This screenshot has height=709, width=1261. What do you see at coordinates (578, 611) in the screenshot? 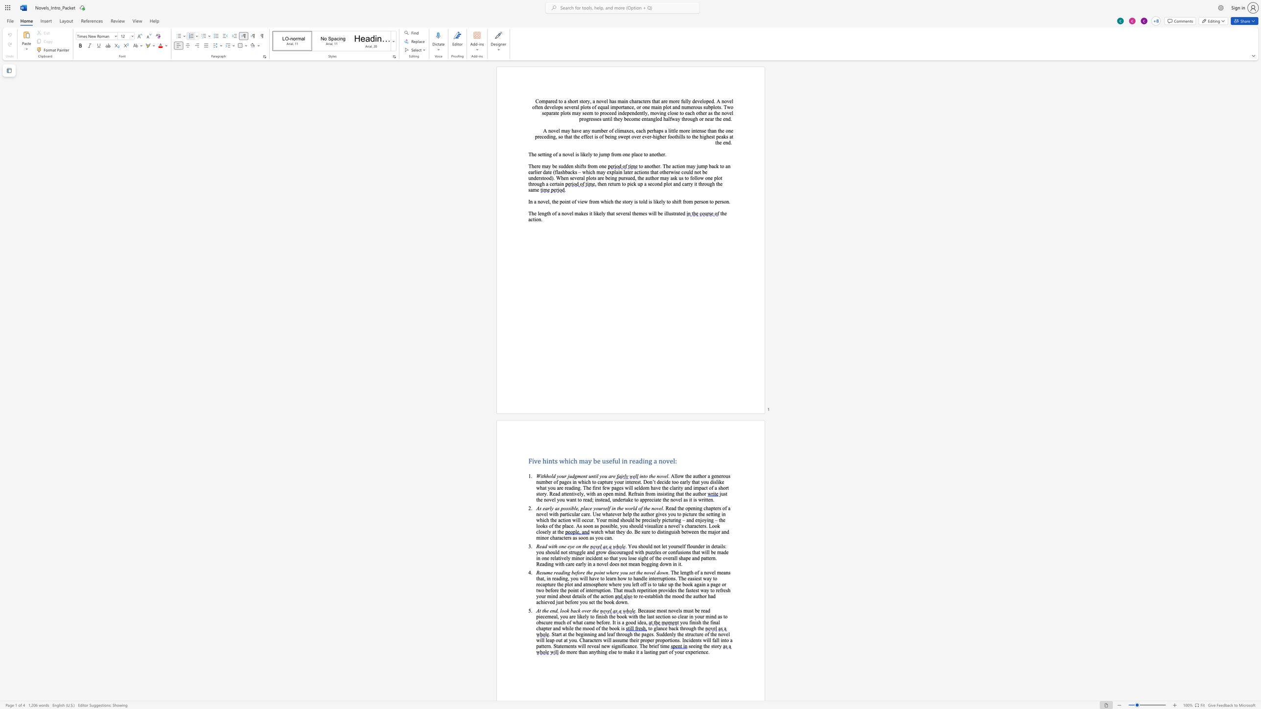
I see `the space between the continuous character "c" and "k" in the text` at bounding box center [578, 611].